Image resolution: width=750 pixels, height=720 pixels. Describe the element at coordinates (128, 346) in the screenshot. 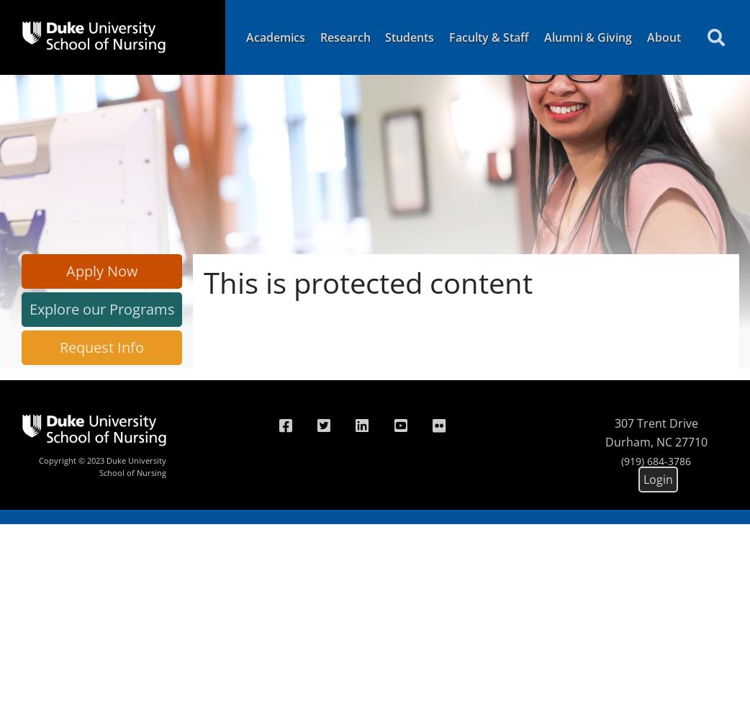

I see `'Info'` at that location.